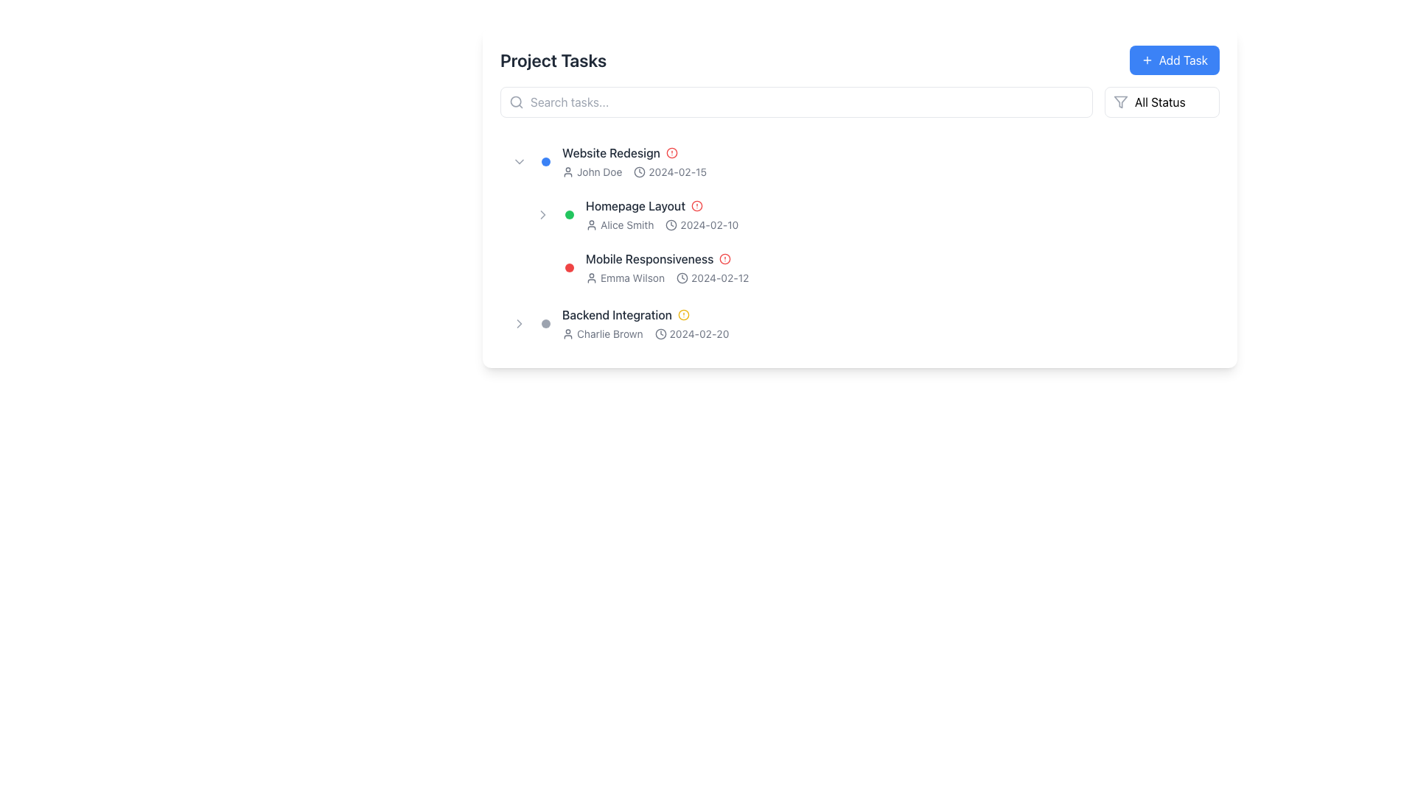 The image size is (1415, 795). What do you see at coordinates (720, 278) in the screenshot?
I see `date displayed in the Text element related to the 'Mobile Responsiveness' task, which is positioned to the right of Emma Wilson's name and after a clock icon` at bounding box center [720, 278].